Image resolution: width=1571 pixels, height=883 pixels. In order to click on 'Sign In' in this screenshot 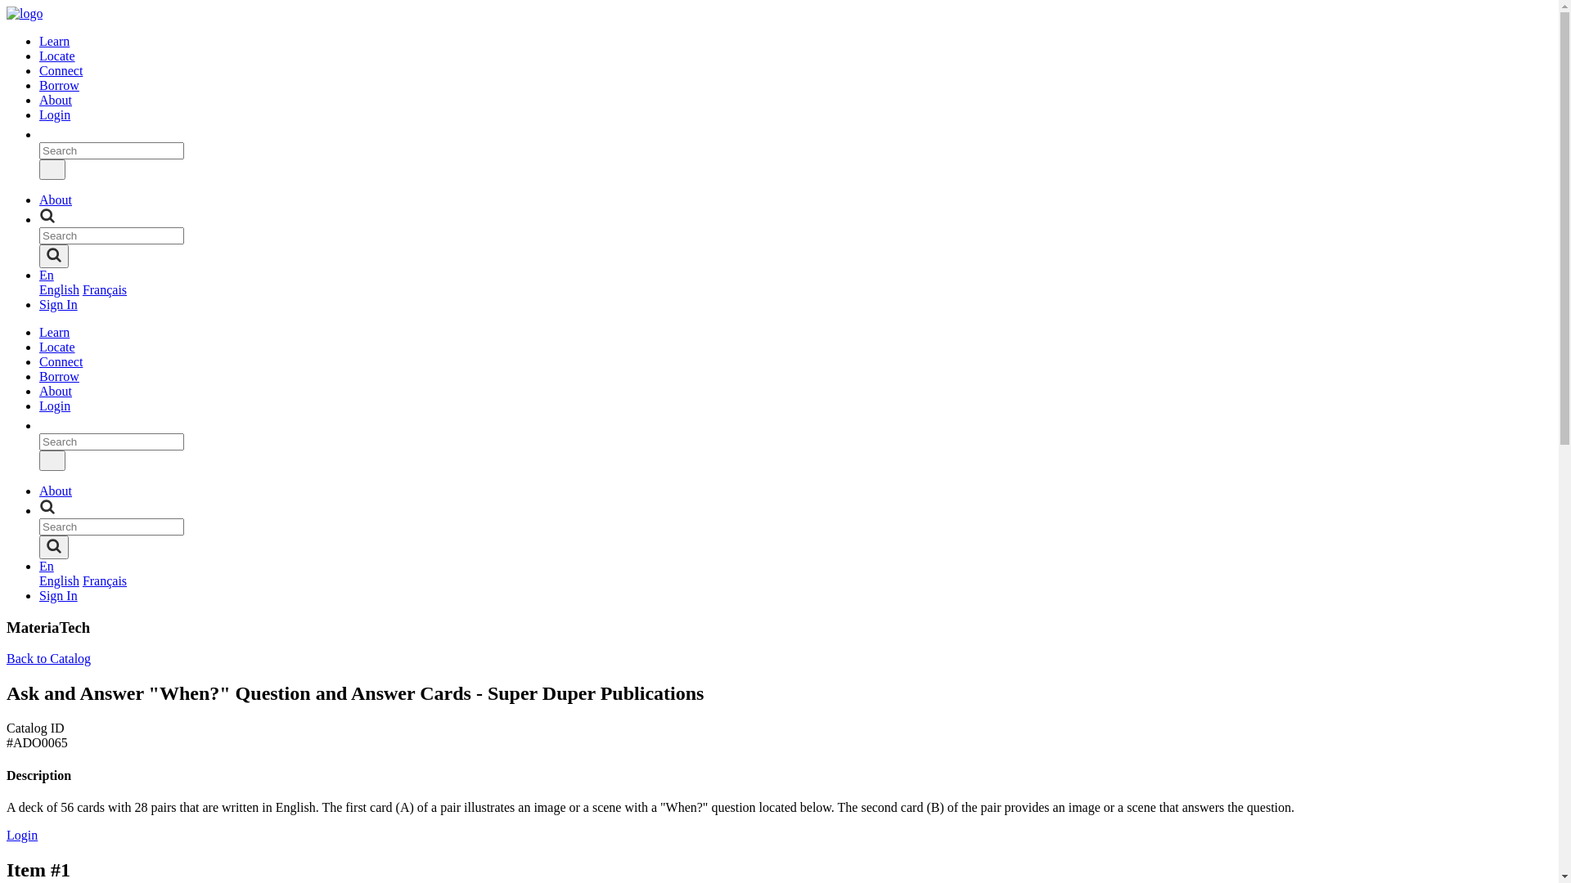, I will do `click(58, 595)`.